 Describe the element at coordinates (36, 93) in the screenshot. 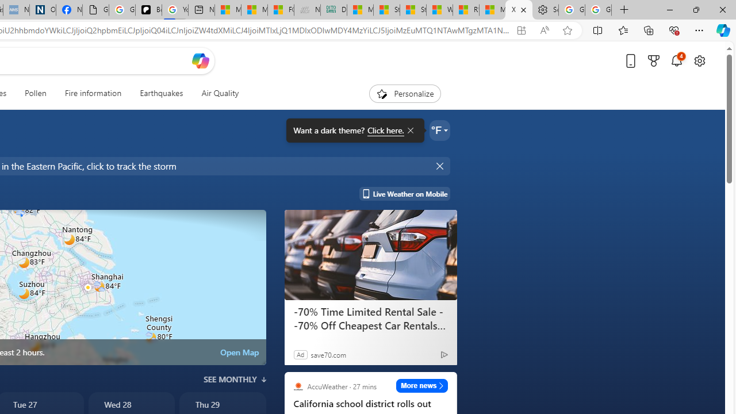

I see `'Pollen'` at that location.